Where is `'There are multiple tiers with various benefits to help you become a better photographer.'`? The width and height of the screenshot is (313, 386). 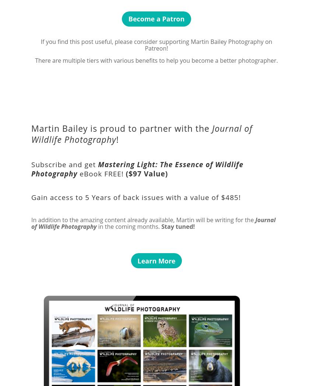 'There are multiple tiers with various benefits to help you become a better photographer.' is located at coordinates (156, 61).